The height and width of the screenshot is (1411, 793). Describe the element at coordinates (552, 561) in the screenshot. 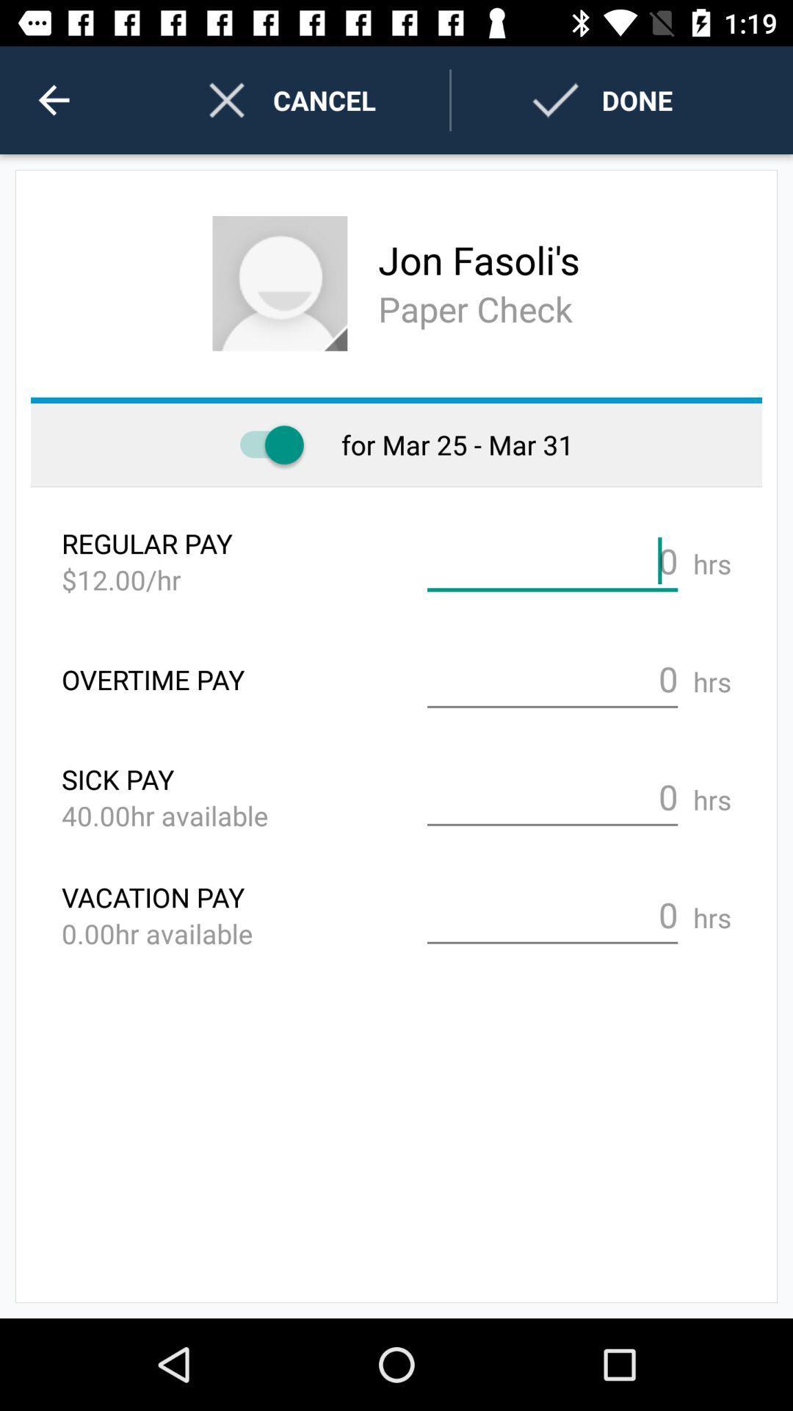

I see `payment per hours option` at that location.